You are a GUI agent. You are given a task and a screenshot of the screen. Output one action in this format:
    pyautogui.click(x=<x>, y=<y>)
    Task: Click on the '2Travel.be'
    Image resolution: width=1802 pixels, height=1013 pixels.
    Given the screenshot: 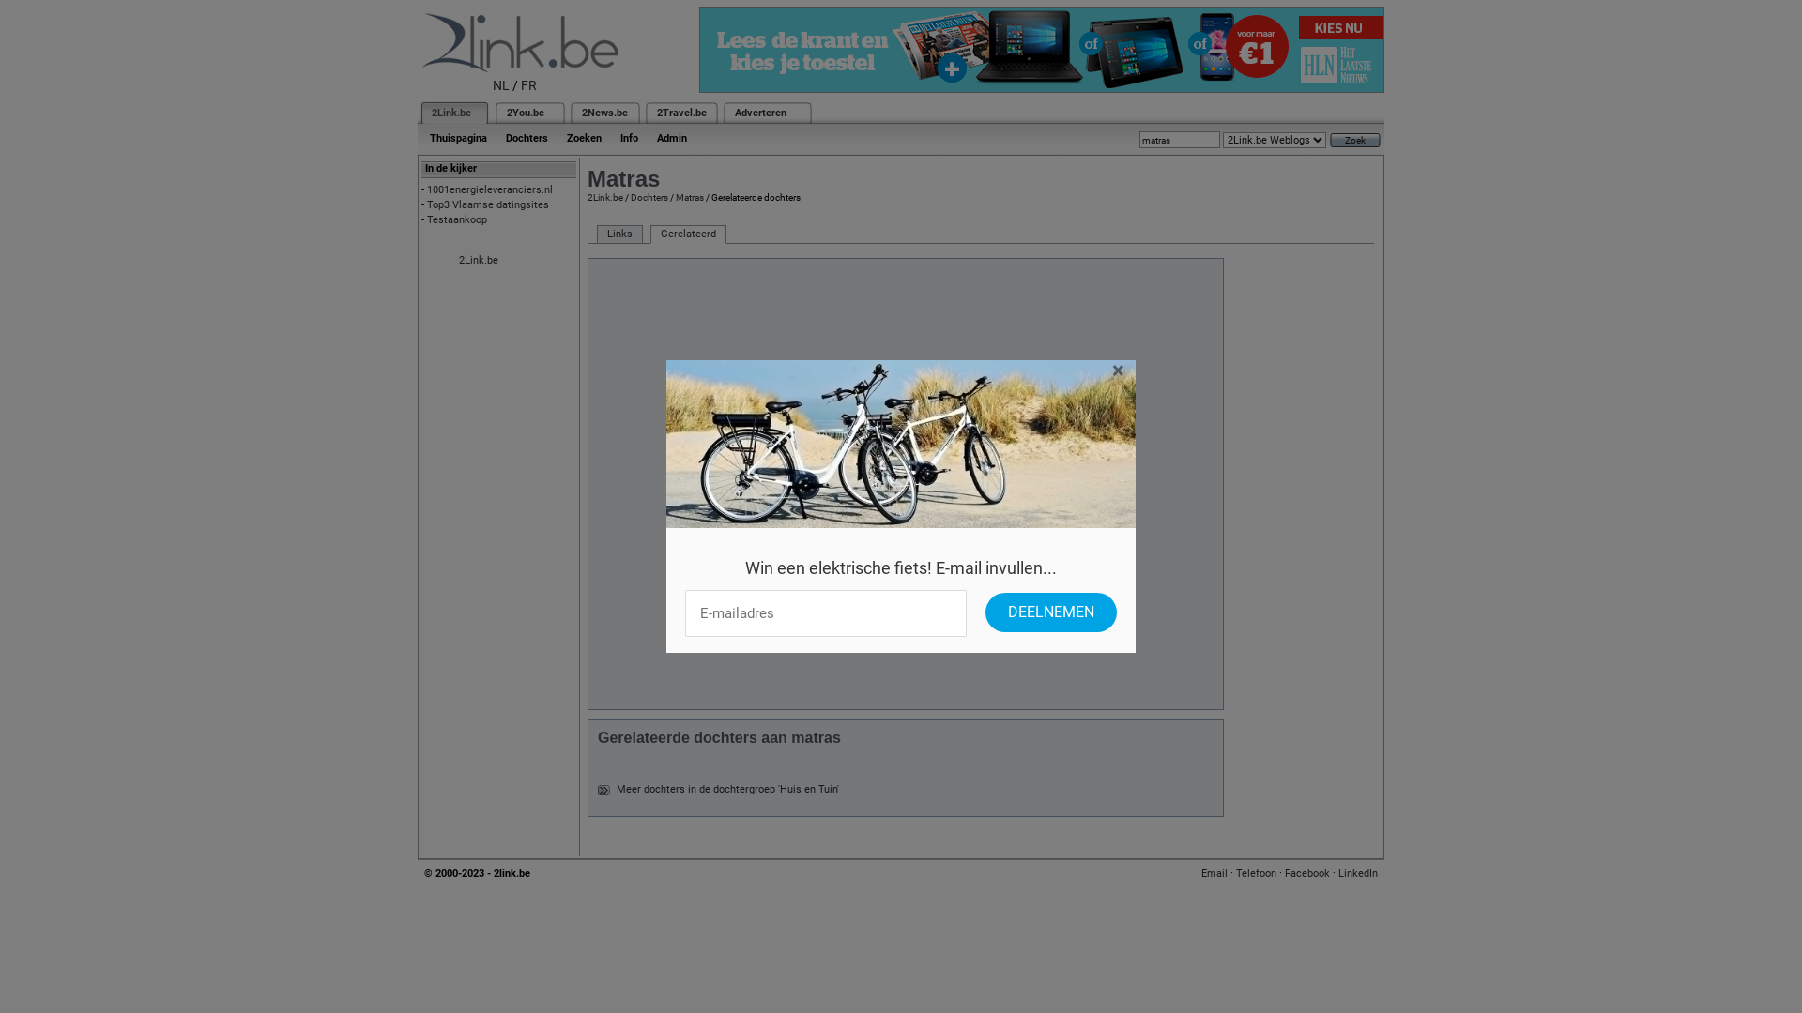 What is the action you would take?
    pyautogui.click(x=657, y=113)
    